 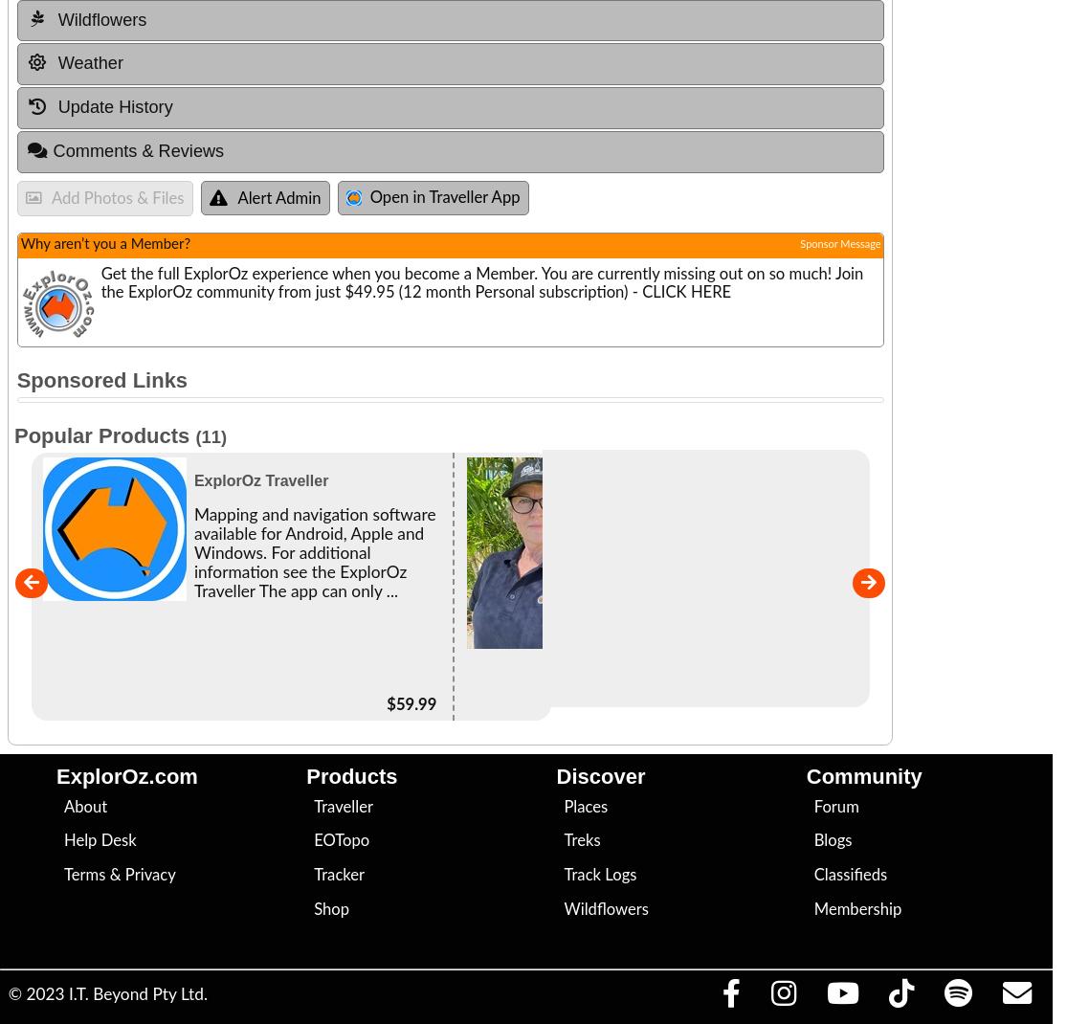 What do you see at coordinates (50, 197) in the screenshot?
I see `'Add Photos & Files'` at bounding box center [50, 197].